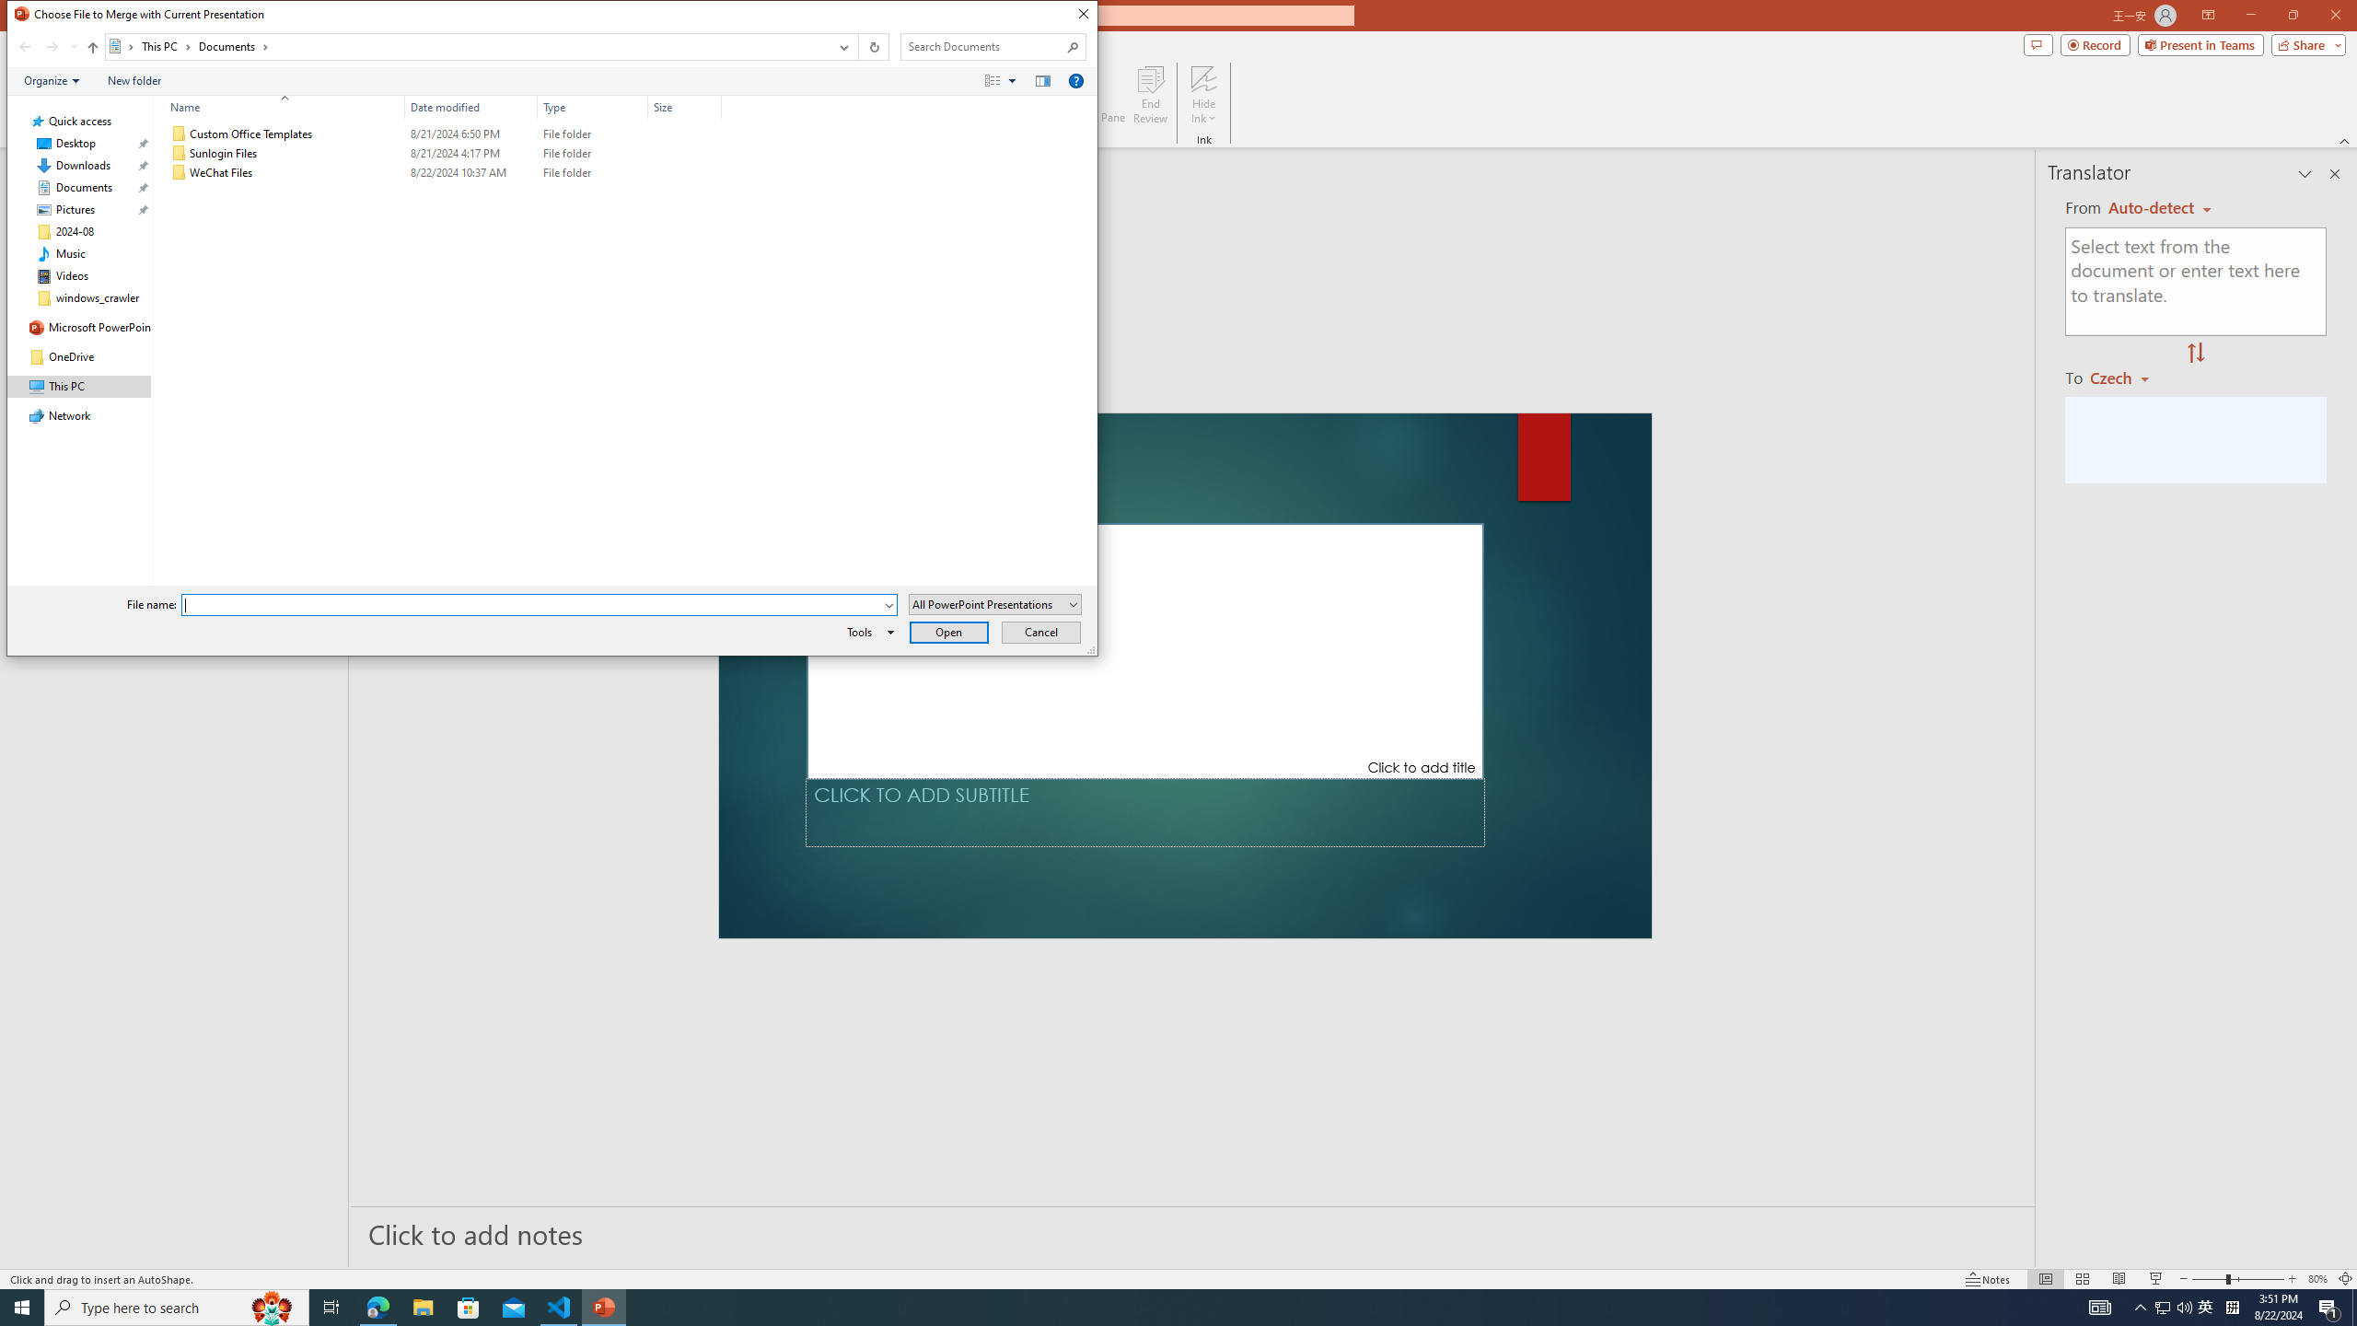  Describe the element at coordinates (1042, 80) in the screenshot. I see `'Preview pane'` at that location.